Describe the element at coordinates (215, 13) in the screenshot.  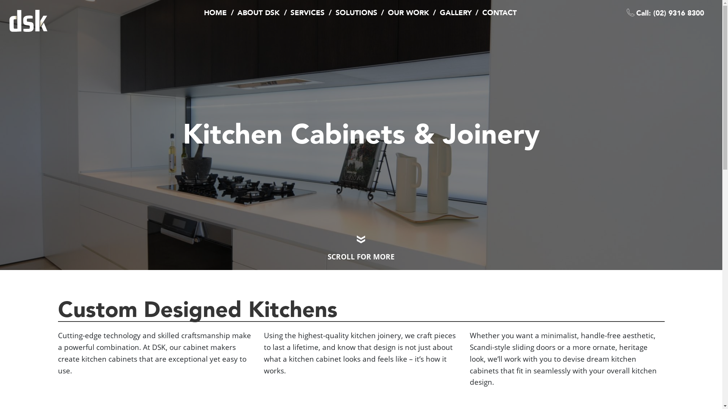
I see `'HOME'` at that location.